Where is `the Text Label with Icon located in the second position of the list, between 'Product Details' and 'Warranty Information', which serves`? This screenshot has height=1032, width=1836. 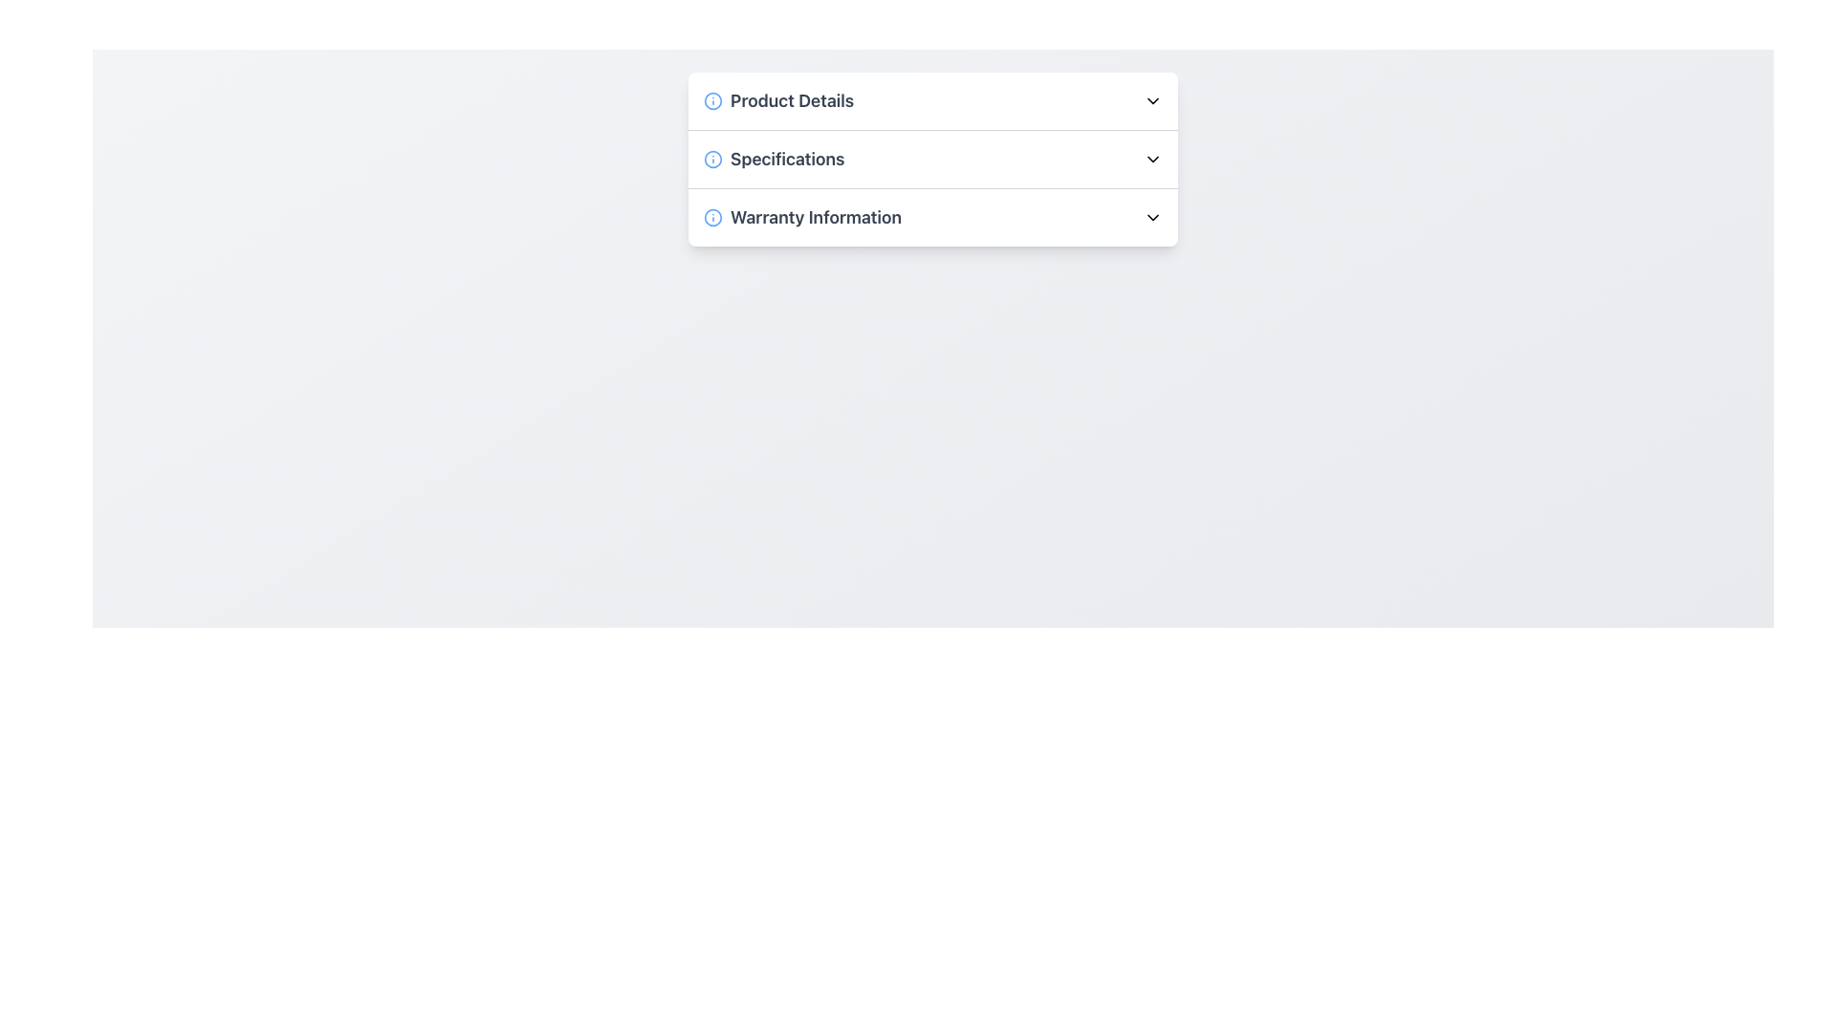
the Text Label with Icon located in the second position of the list, between 'Product Details' and 'Warranty Information', which serves is located at coordinates (774, 158).